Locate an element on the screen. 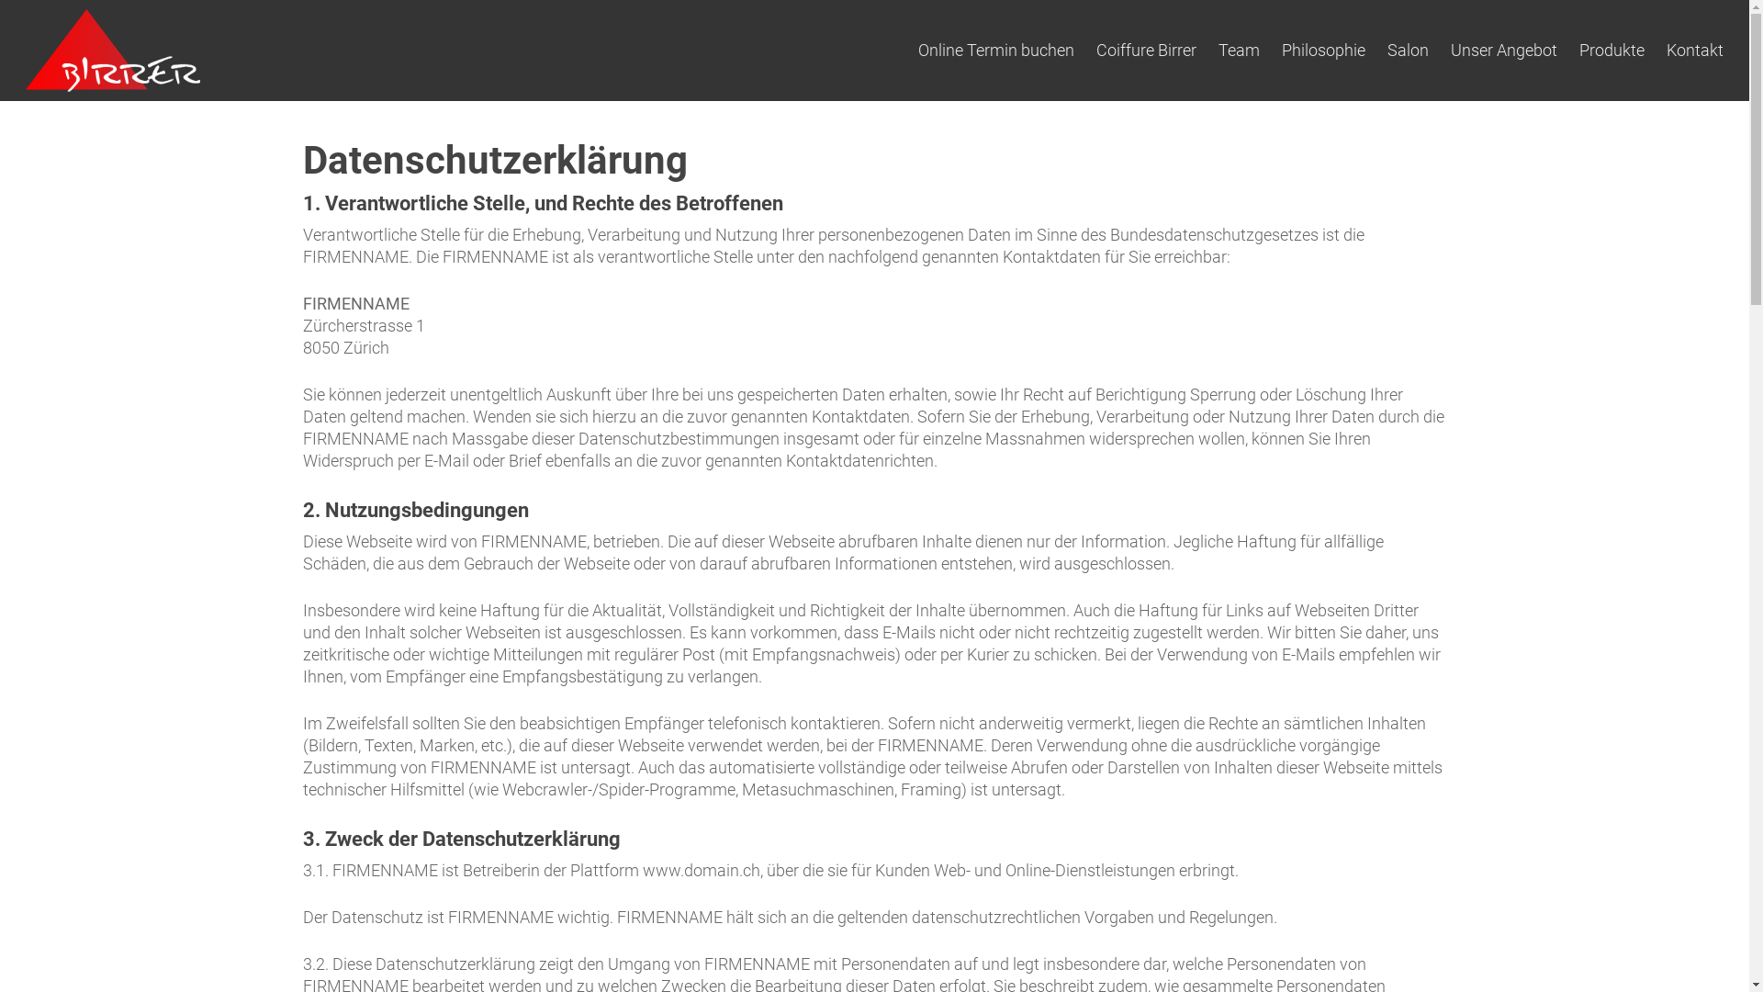 This screenshot has width=1763, height=992. 'Team' is located at coordinates (1239, 49).